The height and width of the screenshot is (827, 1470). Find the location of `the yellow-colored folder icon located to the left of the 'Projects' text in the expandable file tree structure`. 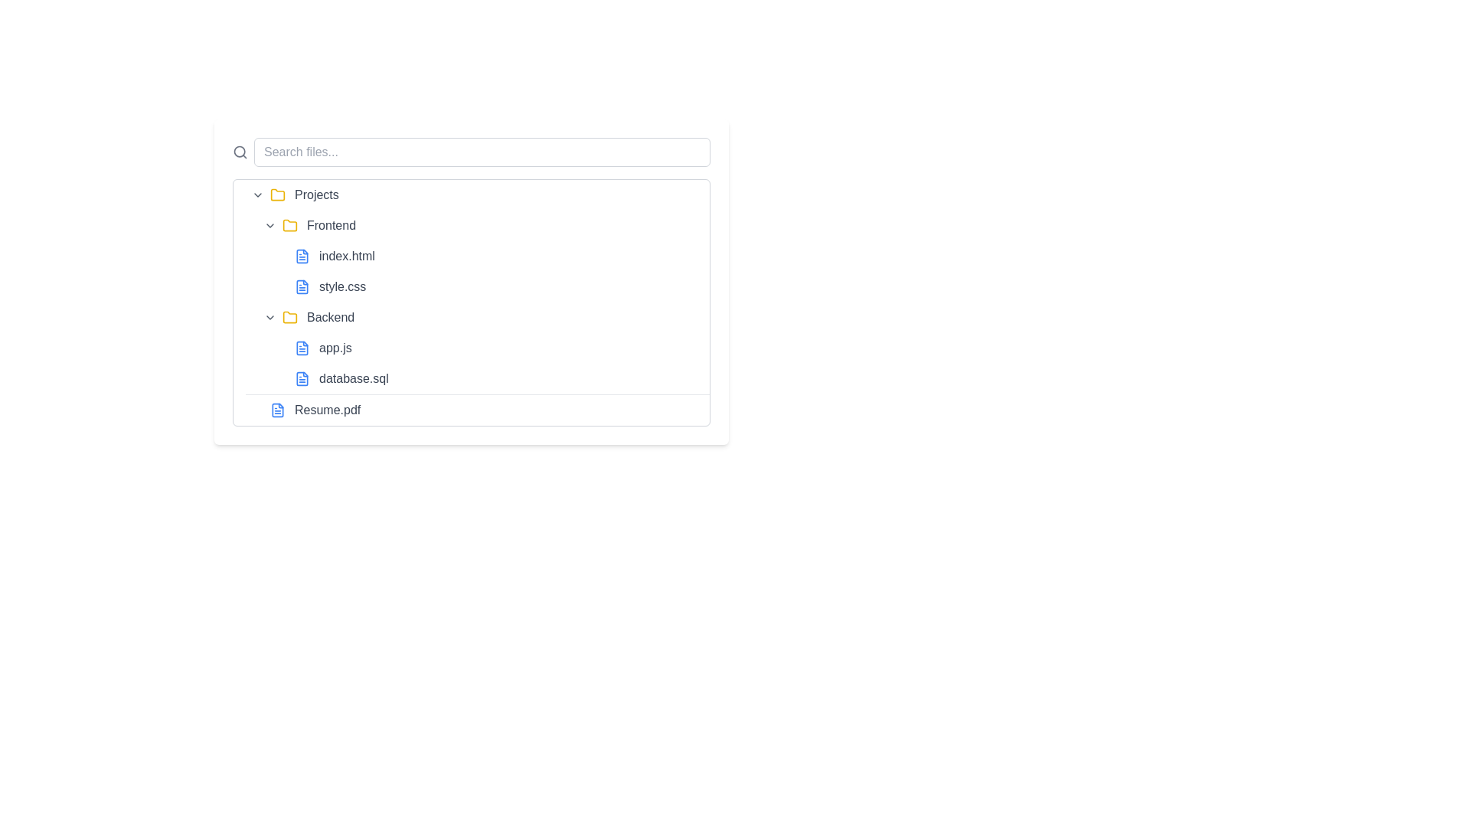

the yellow-colored folder icon located to the left of the 'Projects' text in the expandable file tree structure is located at coordinates (278, 194).